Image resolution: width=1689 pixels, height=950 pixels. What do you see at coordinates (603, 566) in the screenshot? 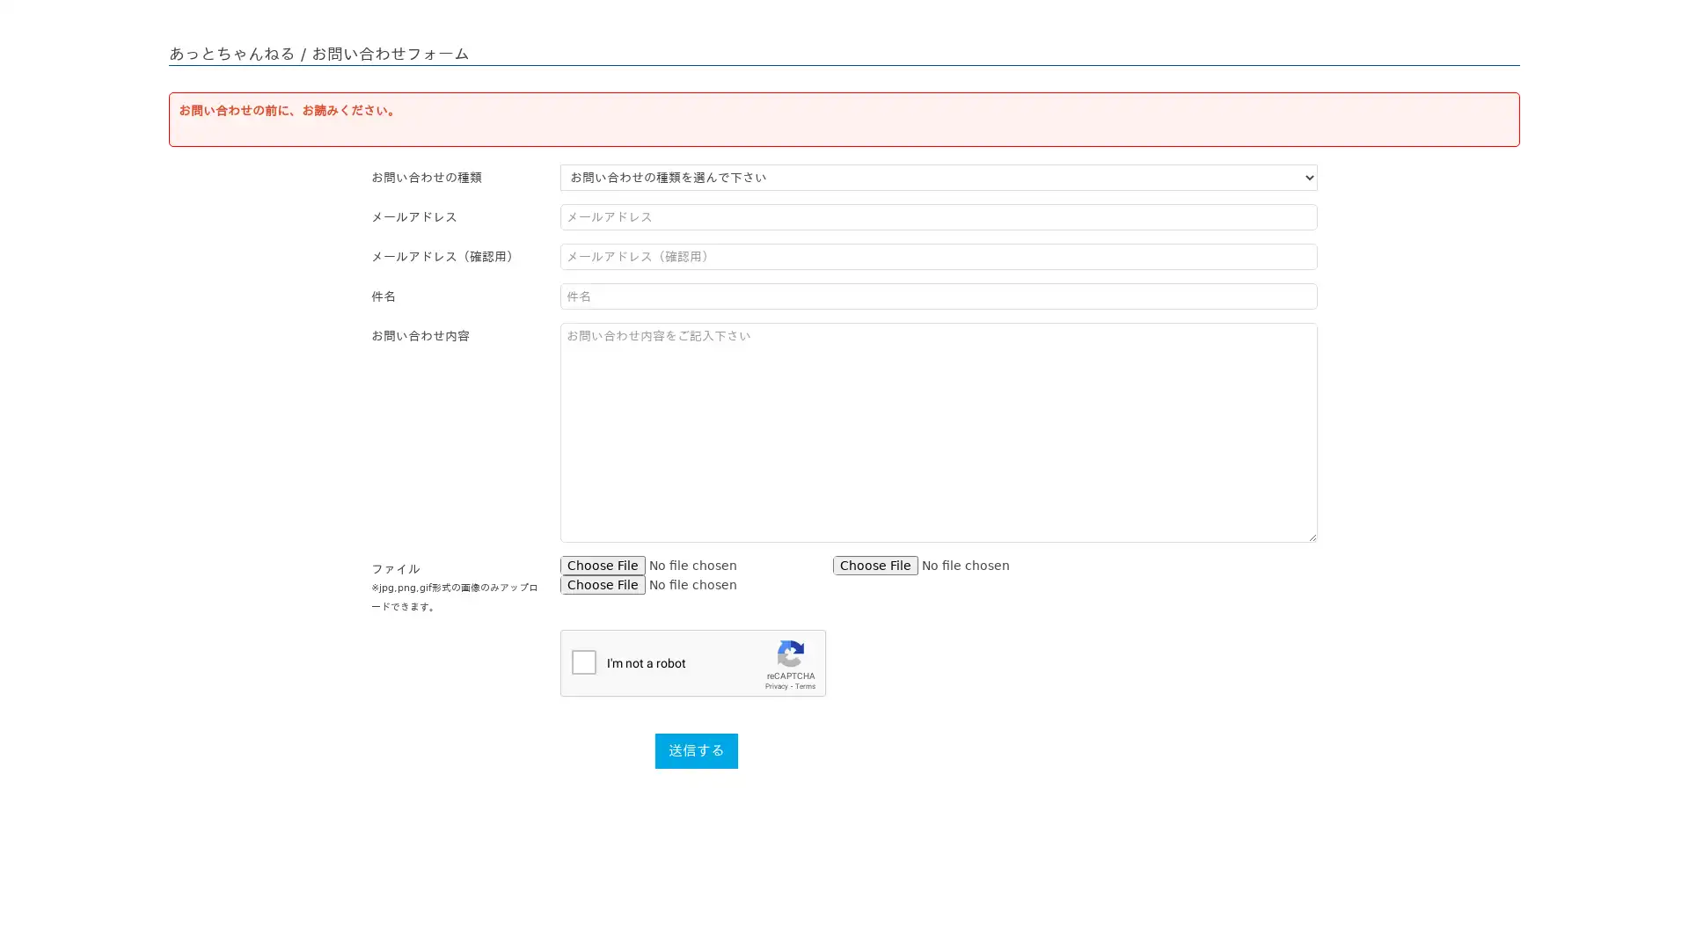
I see `Choose File` at bounding box center [603, 566].